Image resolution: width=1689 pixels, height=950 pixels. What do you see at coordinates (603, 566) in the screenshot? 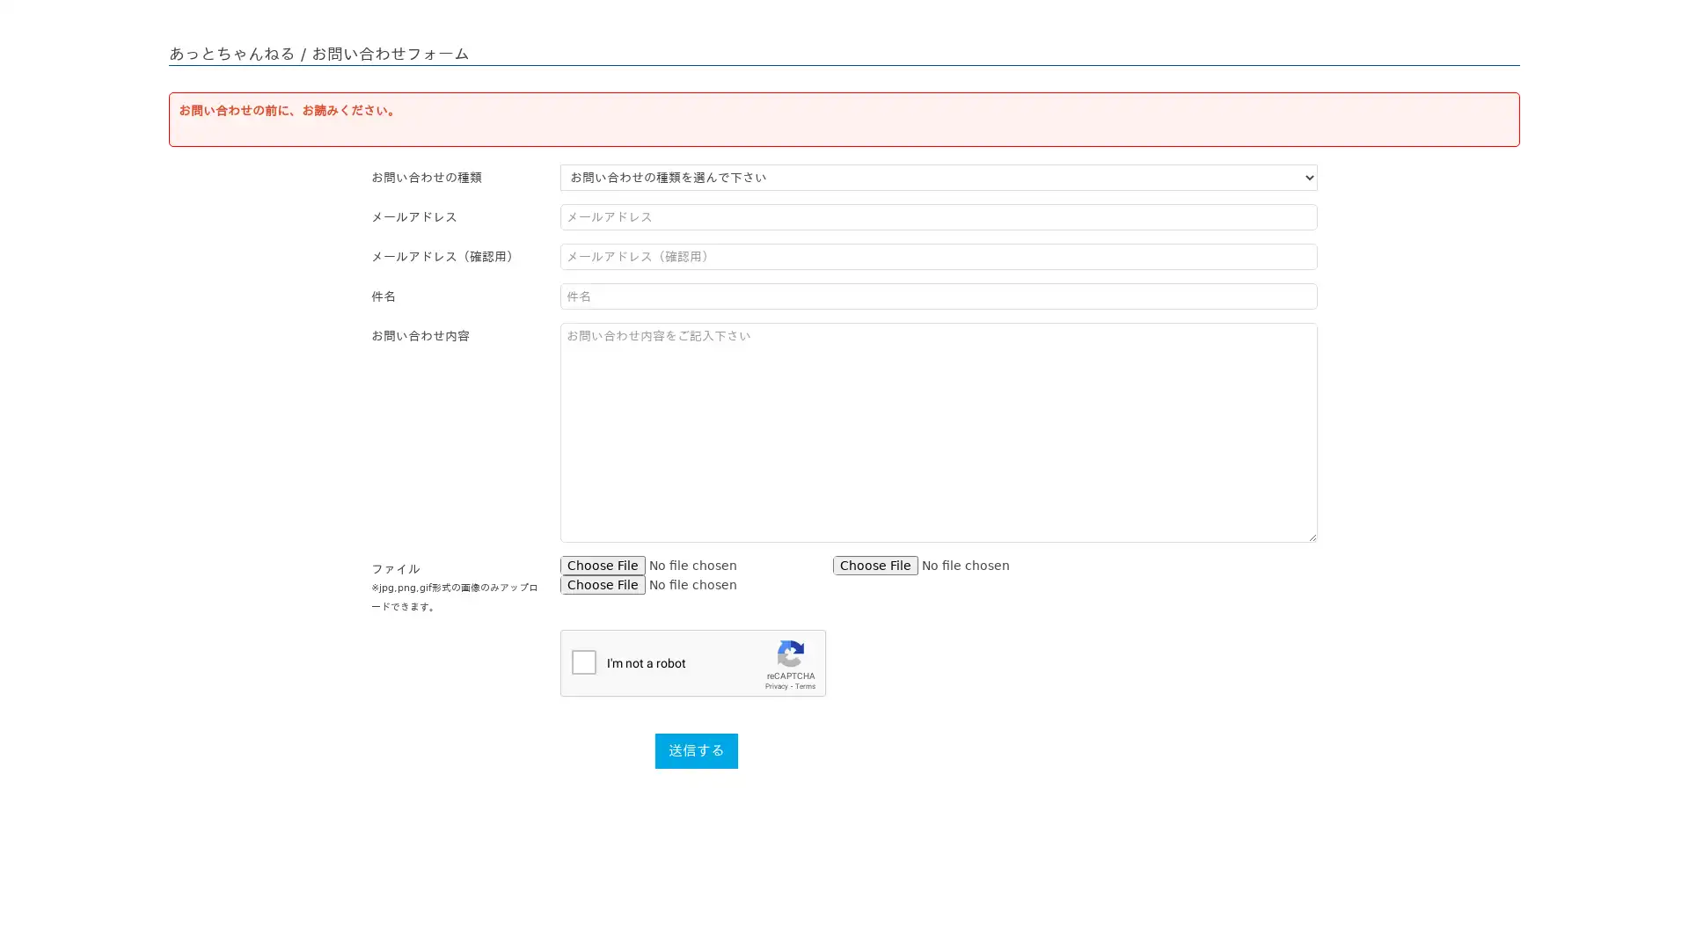
I see `Choose File` at bounding box center [603, 566].